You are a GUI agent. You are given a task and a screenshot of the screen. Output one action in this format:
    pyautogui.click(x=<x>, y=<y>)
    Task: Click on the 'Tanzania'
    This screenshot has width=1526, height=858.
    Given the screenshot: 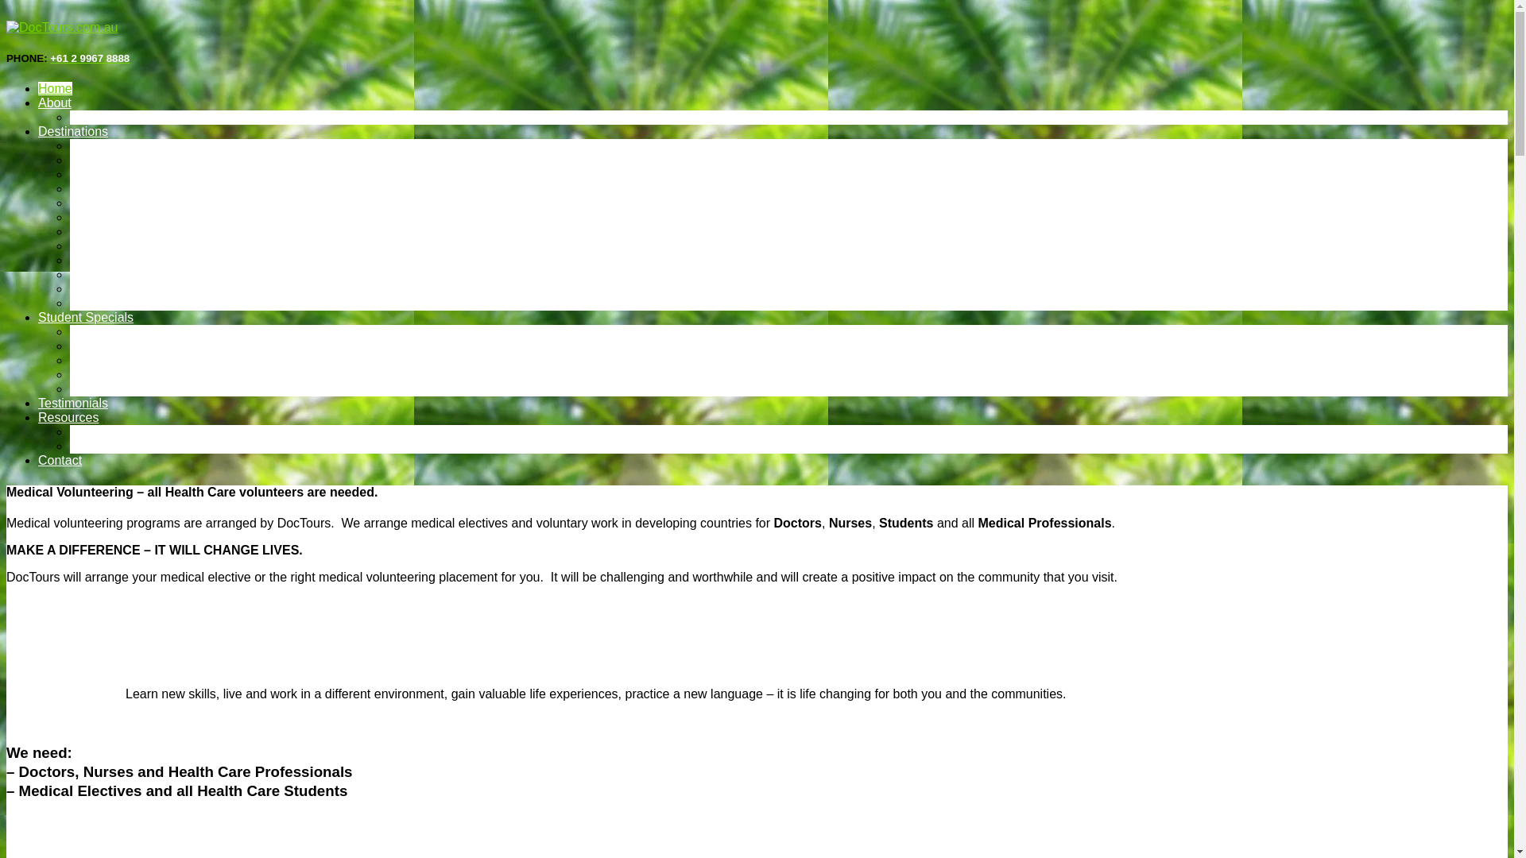 What is the action you would take?
    pyautogui.click(x=95, y=231)
    